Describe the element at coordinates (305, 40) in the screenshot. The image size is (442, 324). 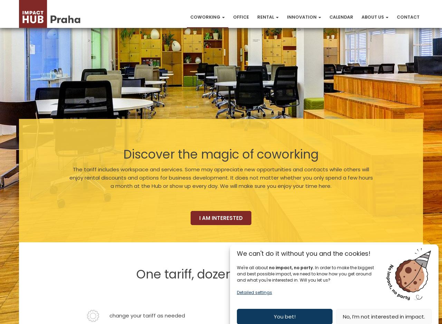
I see `'Acceleration'` at that location.